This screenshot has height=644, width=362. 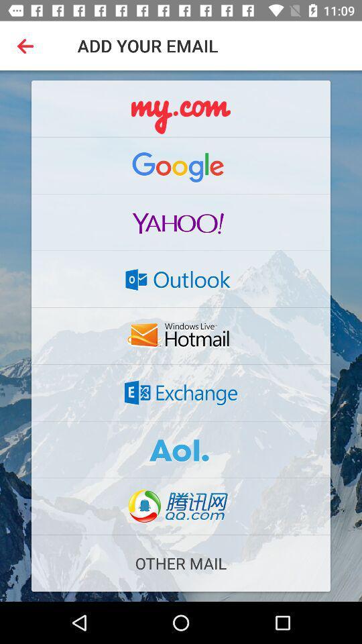 I want to click on yahoo, so click(x=181, y=222).